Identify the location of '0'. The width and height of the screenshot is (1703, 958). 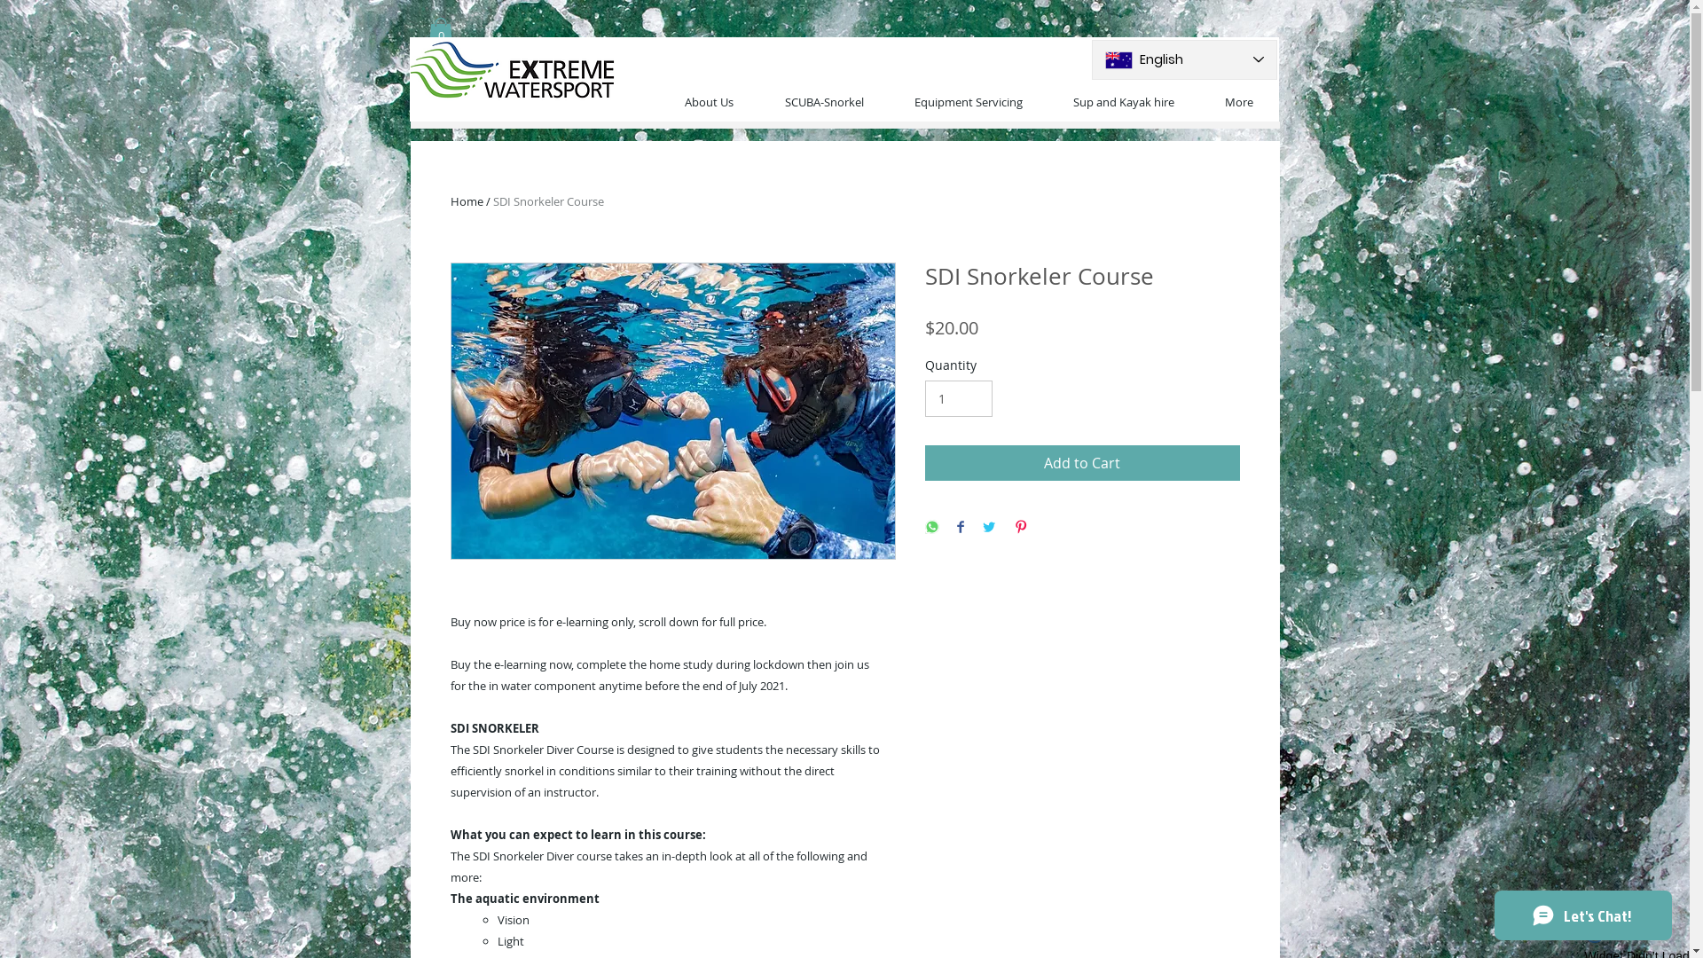
(439, 32).